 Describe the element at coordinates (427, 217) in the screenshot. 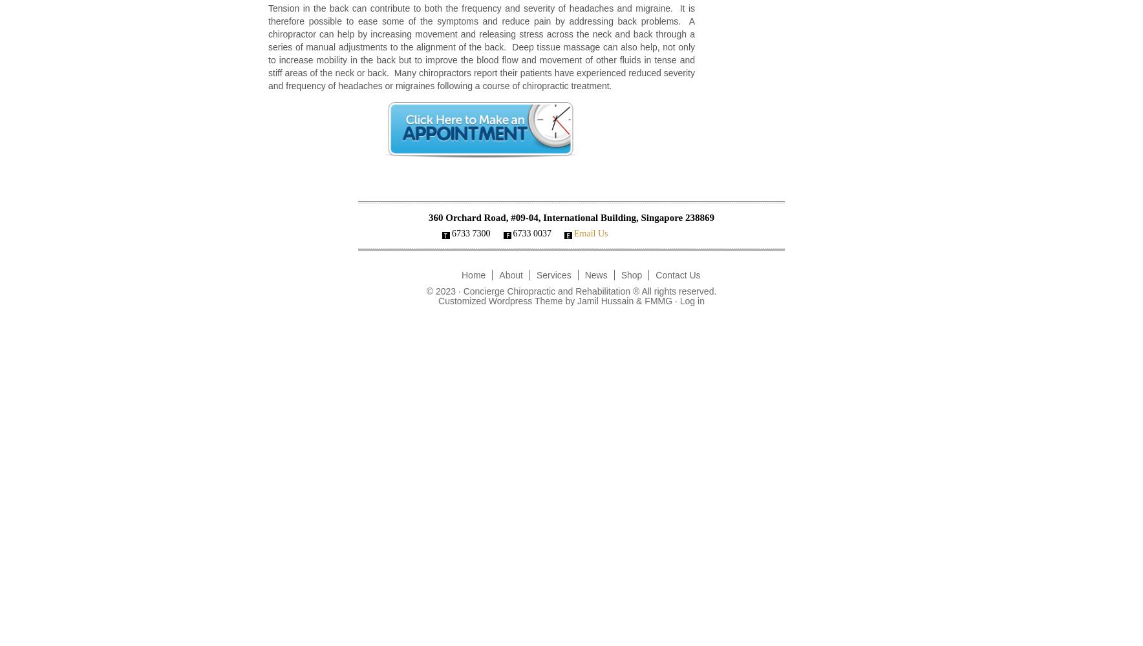

I see `'360 Orchard Road, #09-04, International Building, Singapore 238869'` at that location.